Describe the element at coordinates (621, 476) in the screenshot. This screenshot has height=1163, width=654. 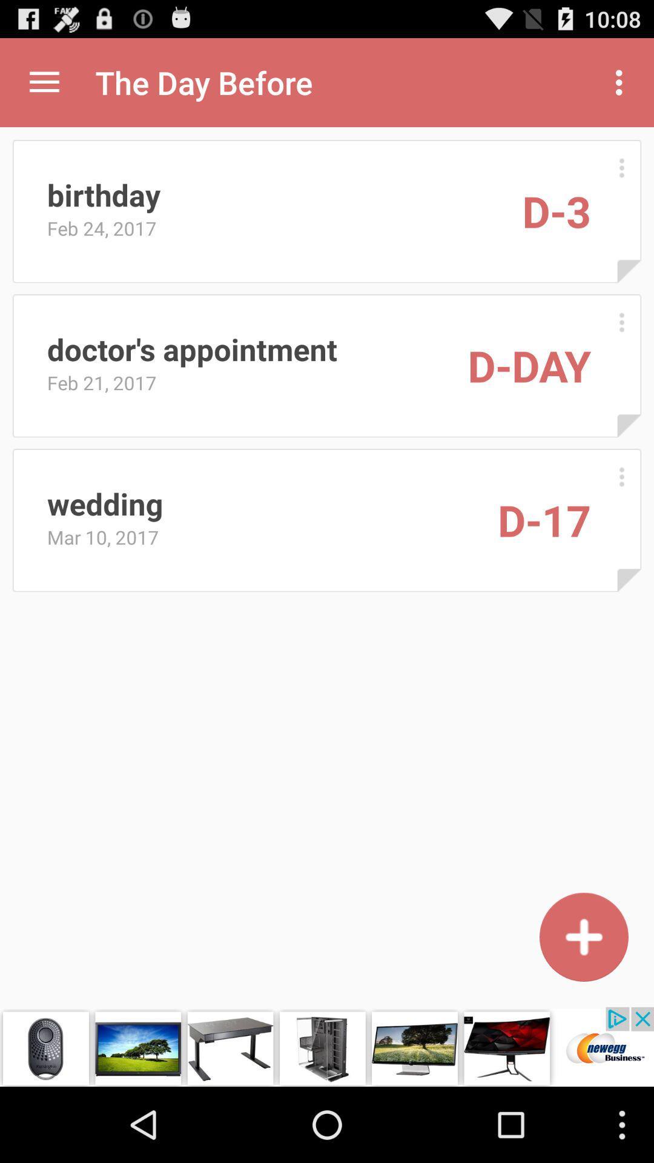
I see `open other actions for this record` at that location.